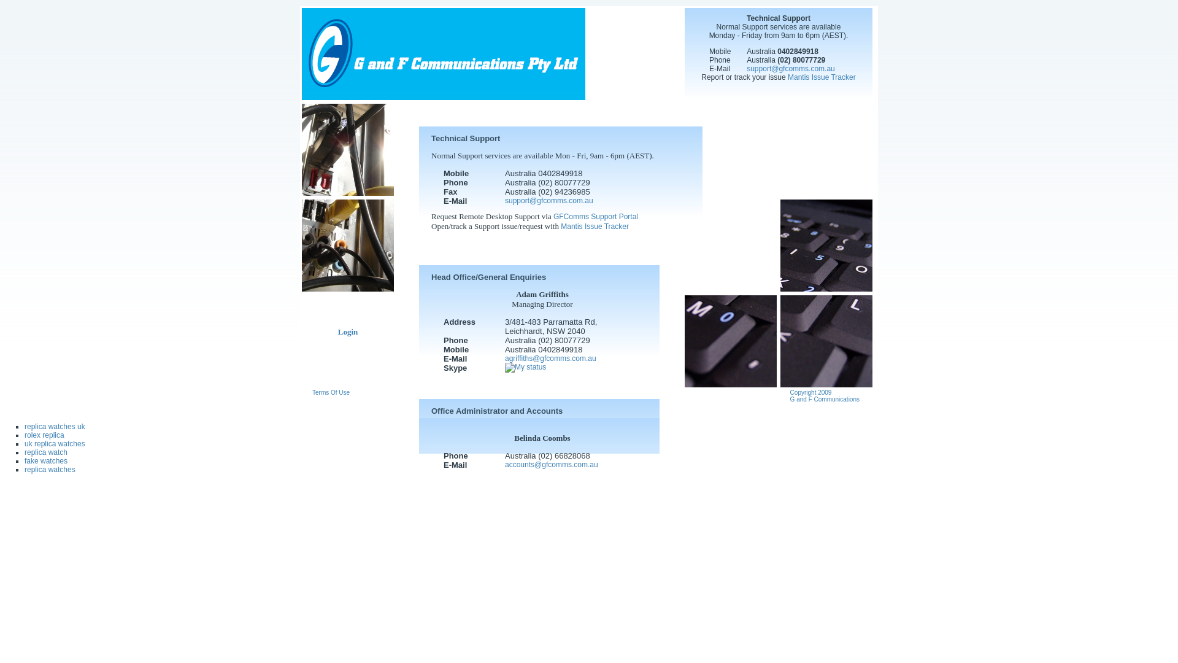  What do you see at coordinates (548, 200) in the screenshot?
I see `'support@gfcomms.com.au'` at bounding box center [548, 200].